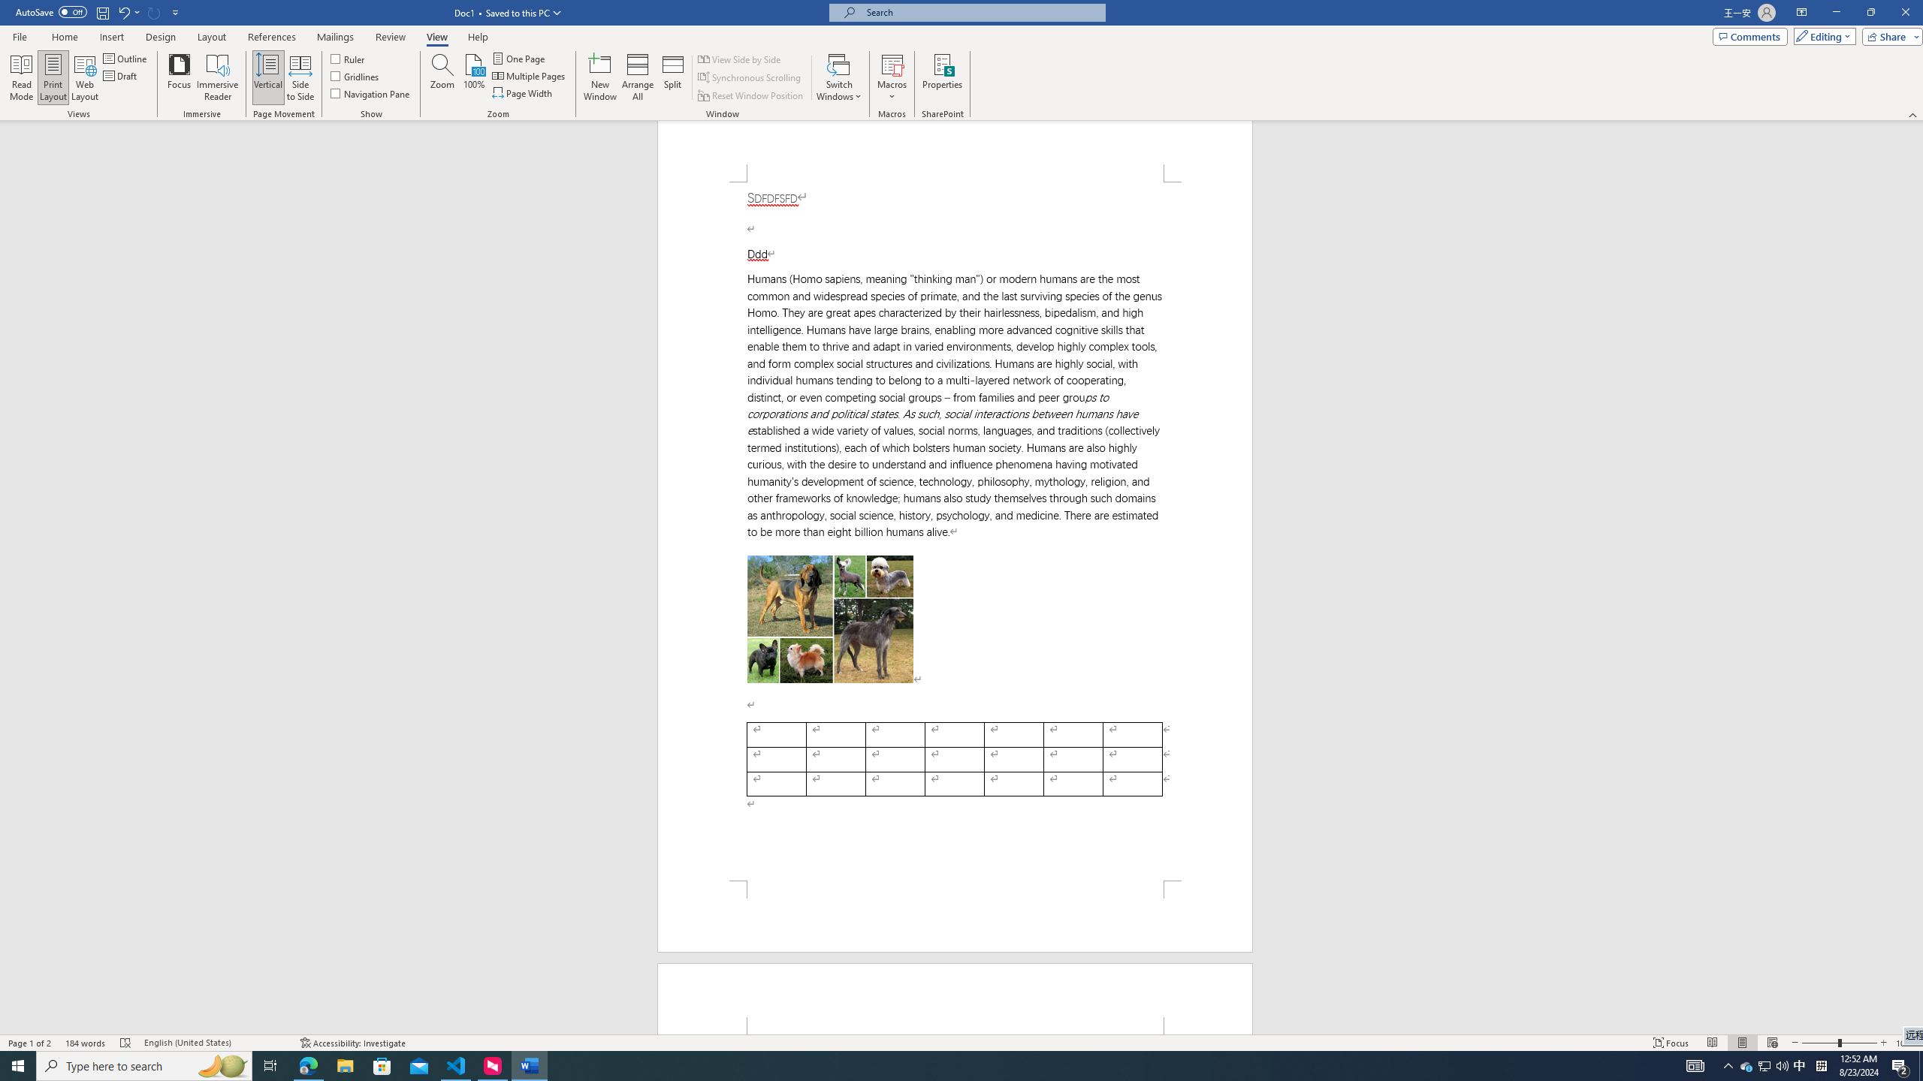  I want to click on 'Draft', so click(120, 74).